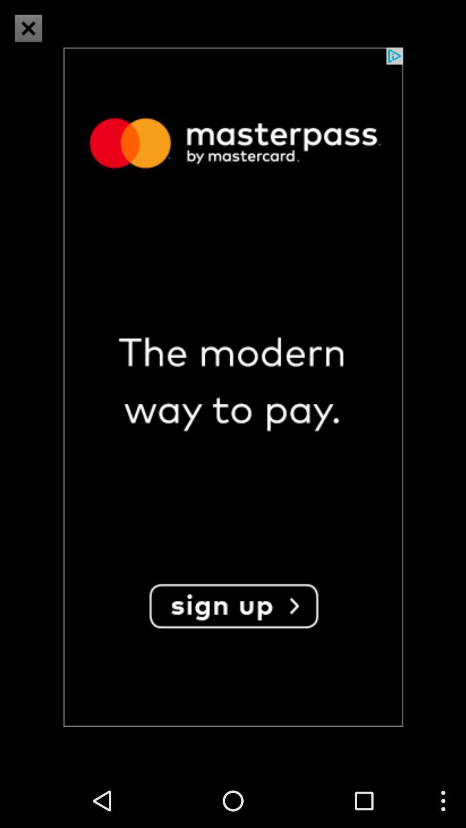 Image resolution: width=466 pixels, height=828 pixels. What do you see at coordinates (33, 36) in the screenshot?
I see `the close icon` at bounding box center [33, 36].